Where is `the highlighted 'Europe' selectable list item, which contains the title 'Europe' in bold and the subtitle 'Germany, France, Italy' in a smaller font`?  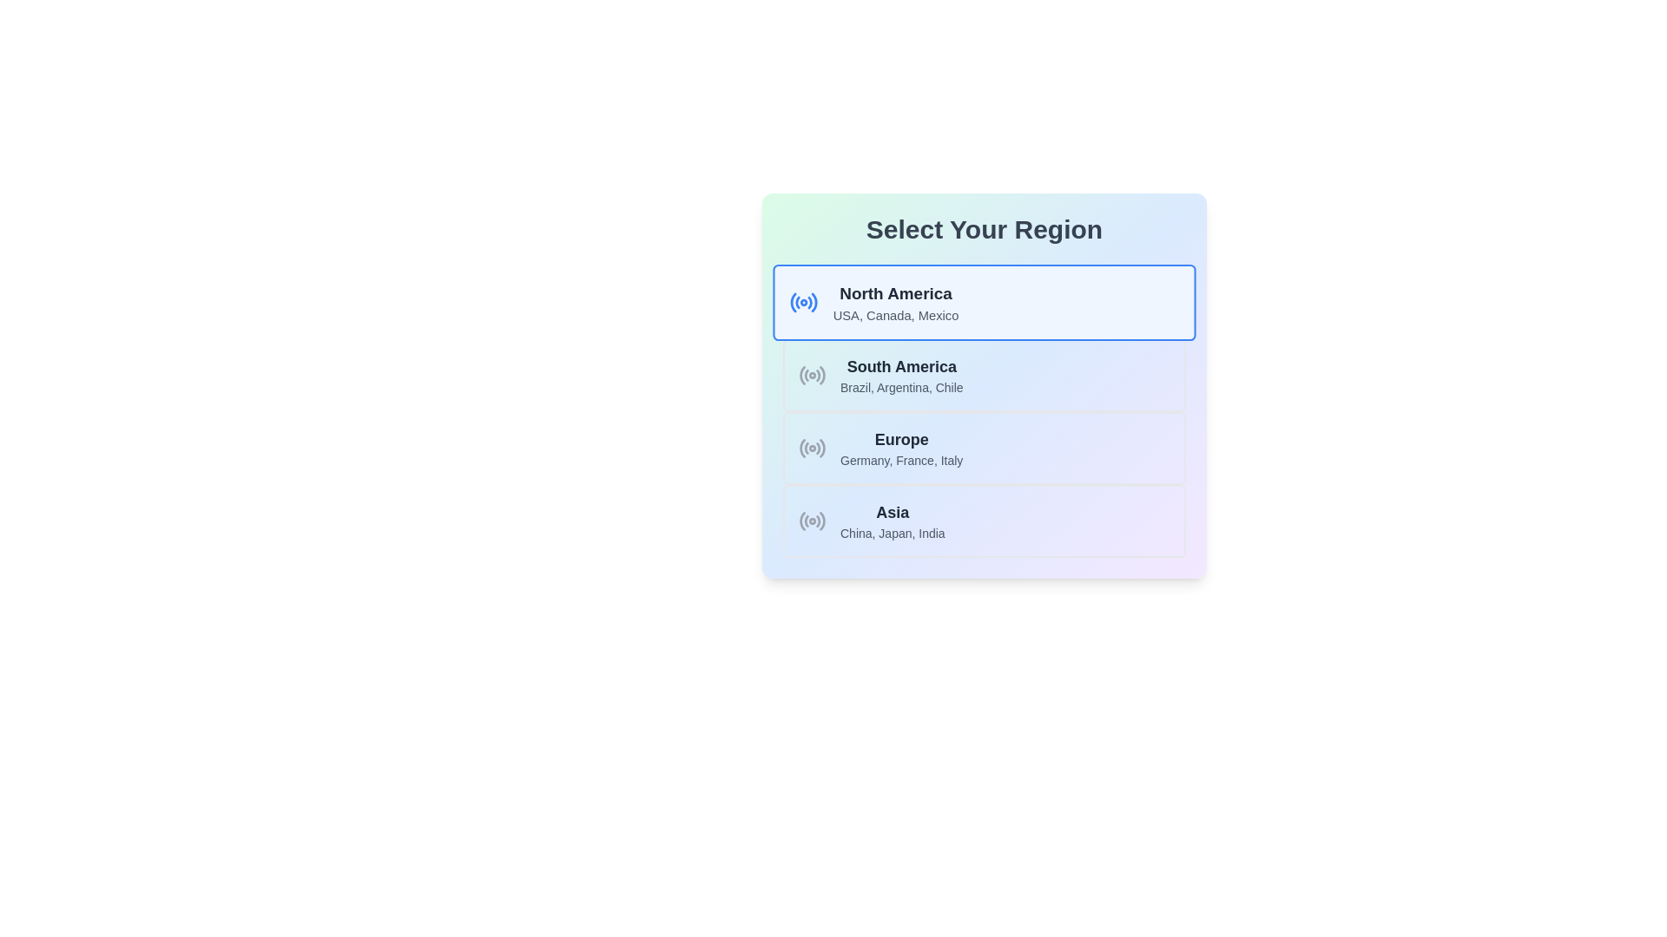 the highlighted 'Europe' selectable list item, which contains the title 'Europe' in bold and the subtitle 'Germany, France, Italy' in a smaller font is located at coordinates (901, 447).